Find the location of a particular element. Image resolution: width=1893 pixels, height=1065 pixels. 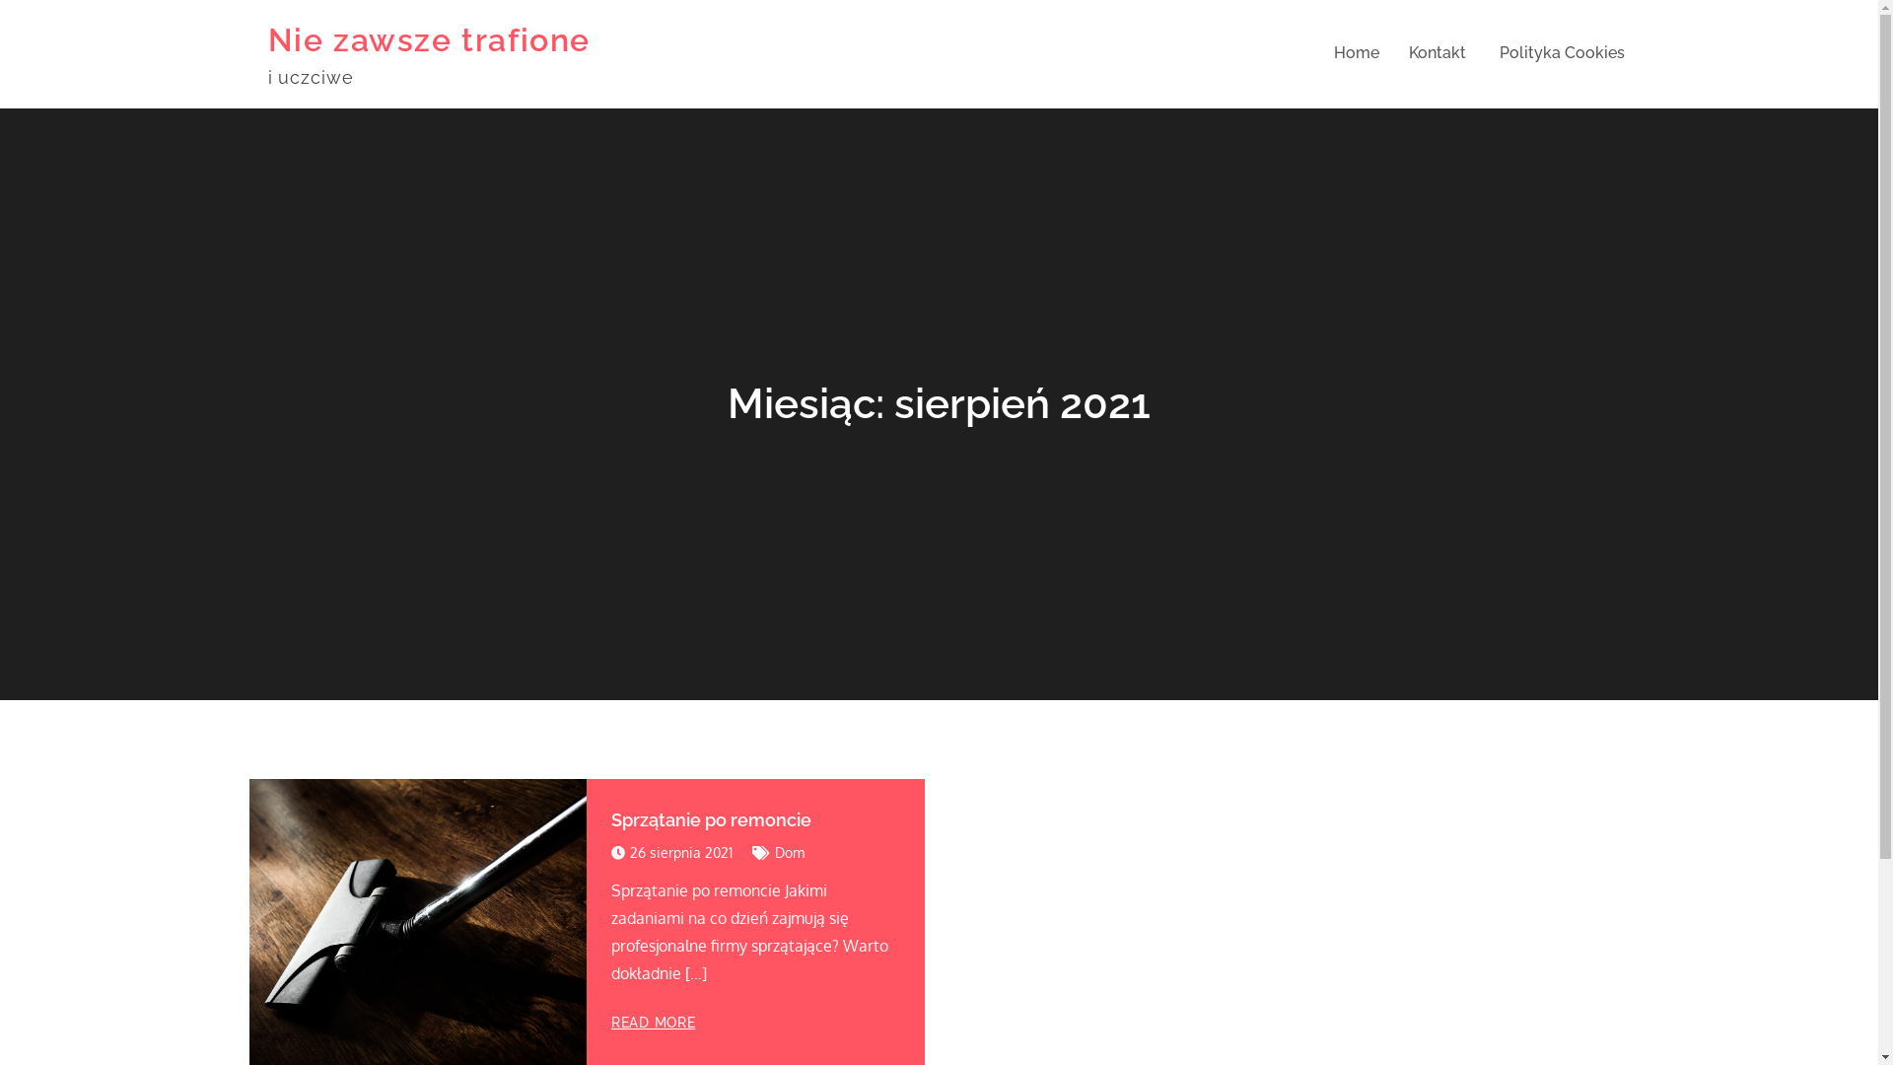

'Home' is located at coordinates (1354, 52).